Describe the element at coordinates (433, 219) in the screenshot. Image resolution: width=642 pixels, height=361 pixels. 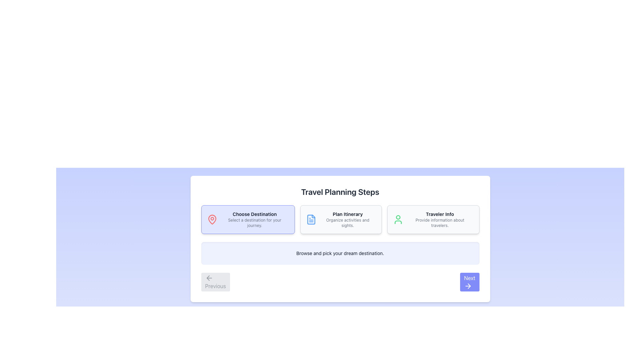
I see `the 'Traveler Info' button, which is the rightmost button under 'Travel Planning Steps', featuring a user silhouette icon and the text 'Provide information about travelers.'` at that location.